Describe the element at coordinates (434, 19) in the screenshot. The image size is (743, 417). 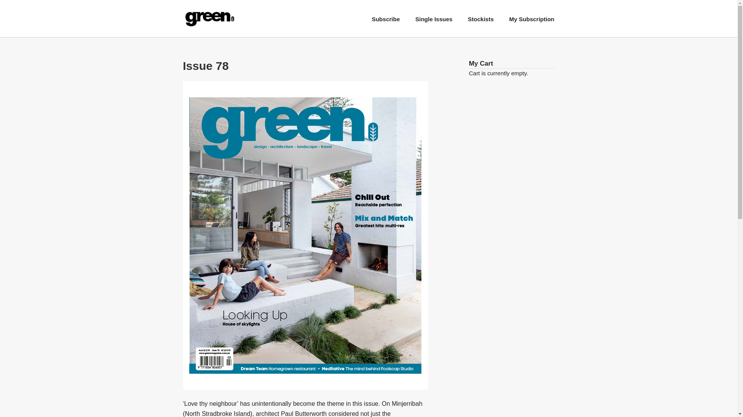
I see `'Single Issues'` at that location.